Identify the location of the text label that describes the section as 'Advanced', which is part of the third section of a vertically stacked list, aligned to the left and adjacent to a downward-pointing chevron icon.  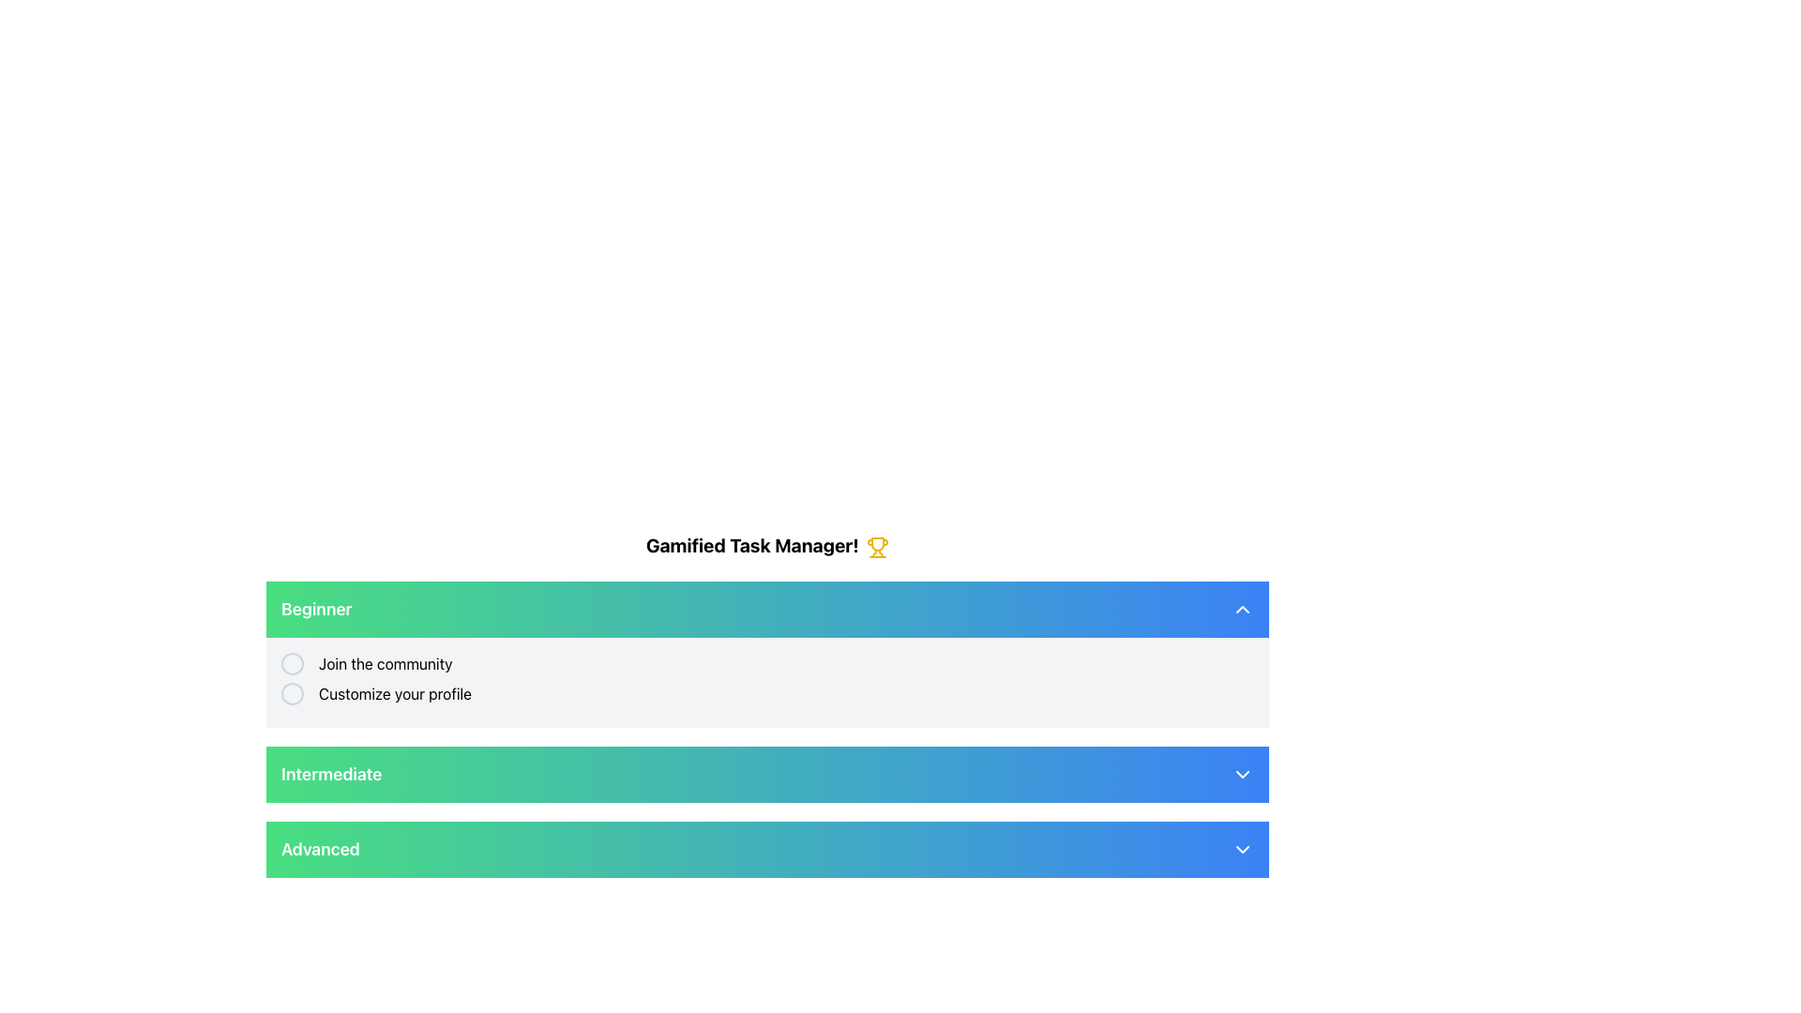
(320, 850).